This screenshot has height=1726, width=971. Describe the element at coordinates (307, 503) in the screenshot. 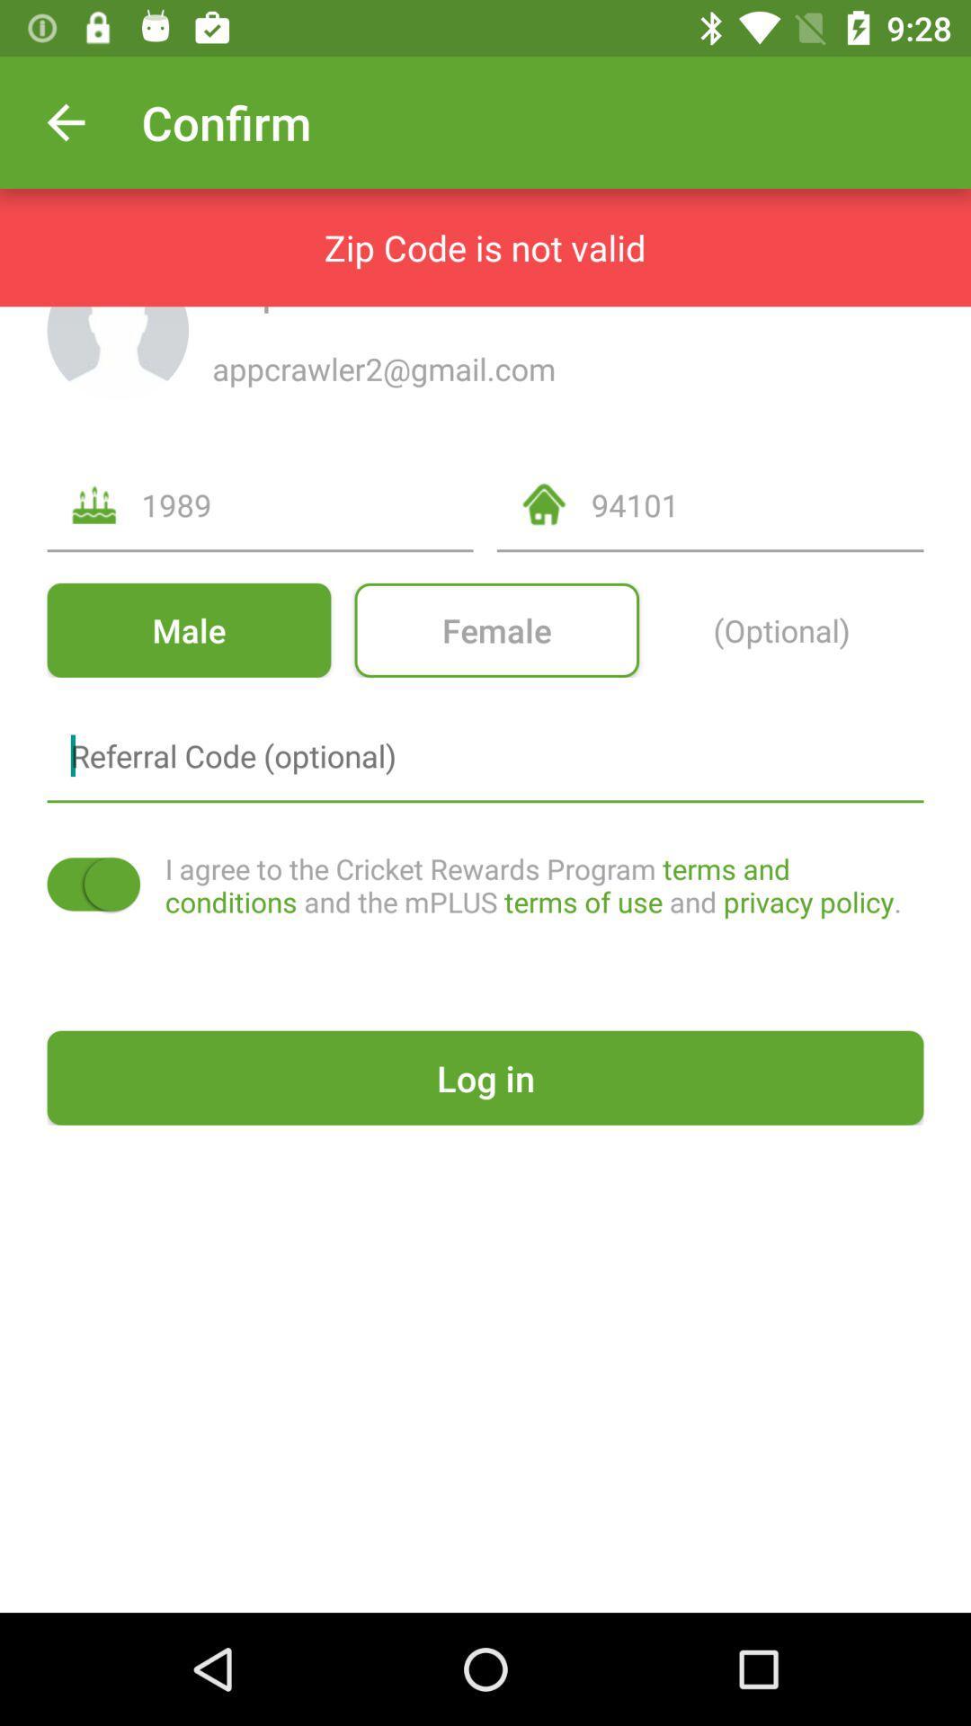

I see `1989 icon` at that location.